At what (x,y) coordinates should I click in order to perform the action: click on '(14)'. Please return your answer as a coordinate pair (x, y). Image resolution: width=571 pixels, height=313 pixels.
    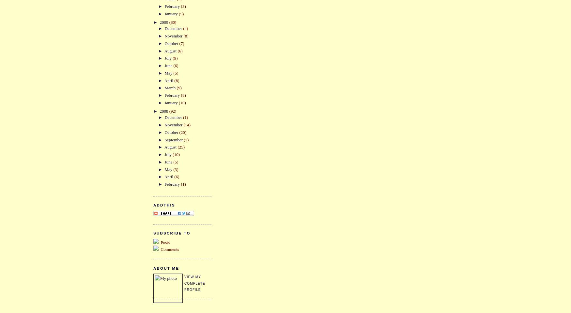
    Looking at the image, I should click on (187, 125).